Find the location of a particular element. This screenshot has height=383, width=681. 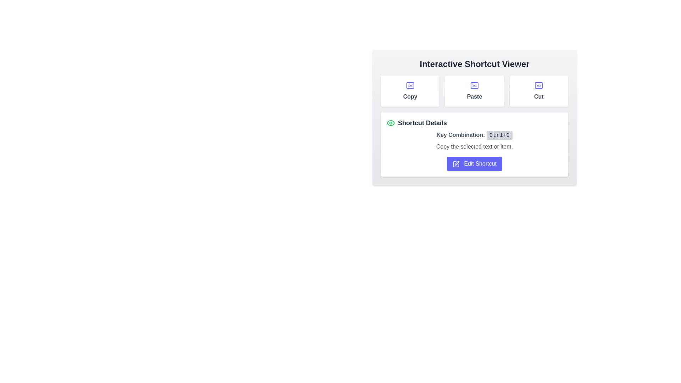

the 'Cut' button, which is a rectangular button with a white background, rounded corners, a blue keyboard icon at the top, and bold text below it is located at coordinates (538, 91).